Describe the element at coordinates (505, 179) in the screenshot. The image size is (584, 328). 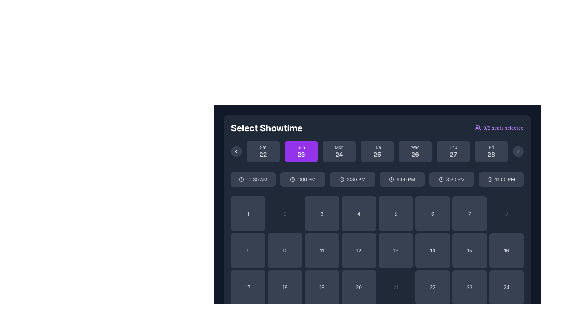
I see `the '11:00 PM' text label, which is the last element in a horizontal row of selectable times` at that location.